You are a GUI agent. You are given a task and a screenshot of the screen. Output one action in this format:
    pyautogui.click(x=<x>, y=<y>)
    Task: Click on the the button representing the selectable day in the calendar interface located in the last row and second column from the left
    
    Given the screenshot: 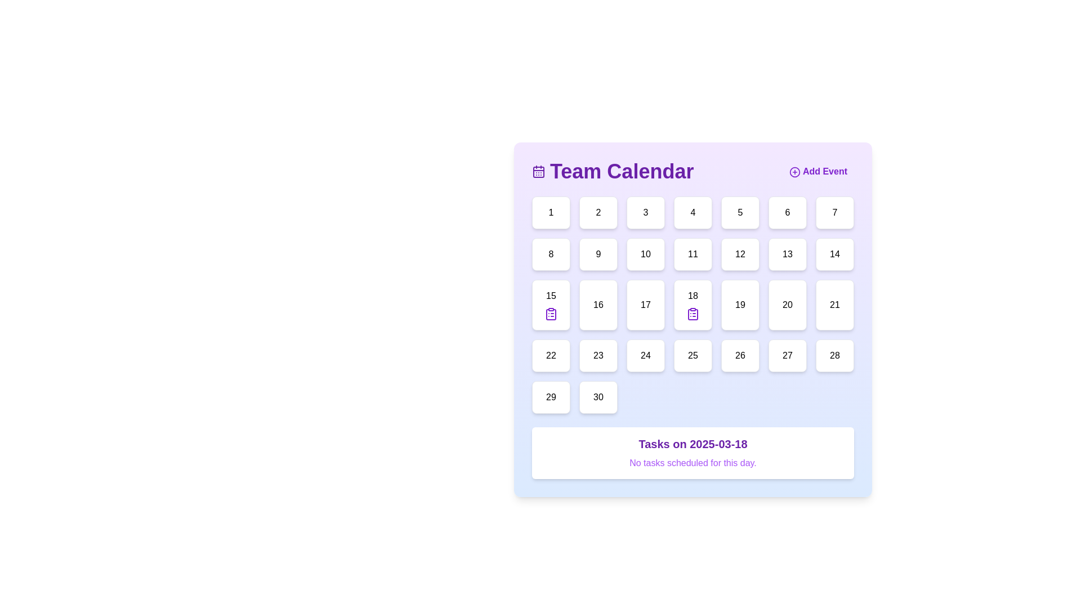 What is the action you would take?
    pyautogui.click(x=597, y=396)
    